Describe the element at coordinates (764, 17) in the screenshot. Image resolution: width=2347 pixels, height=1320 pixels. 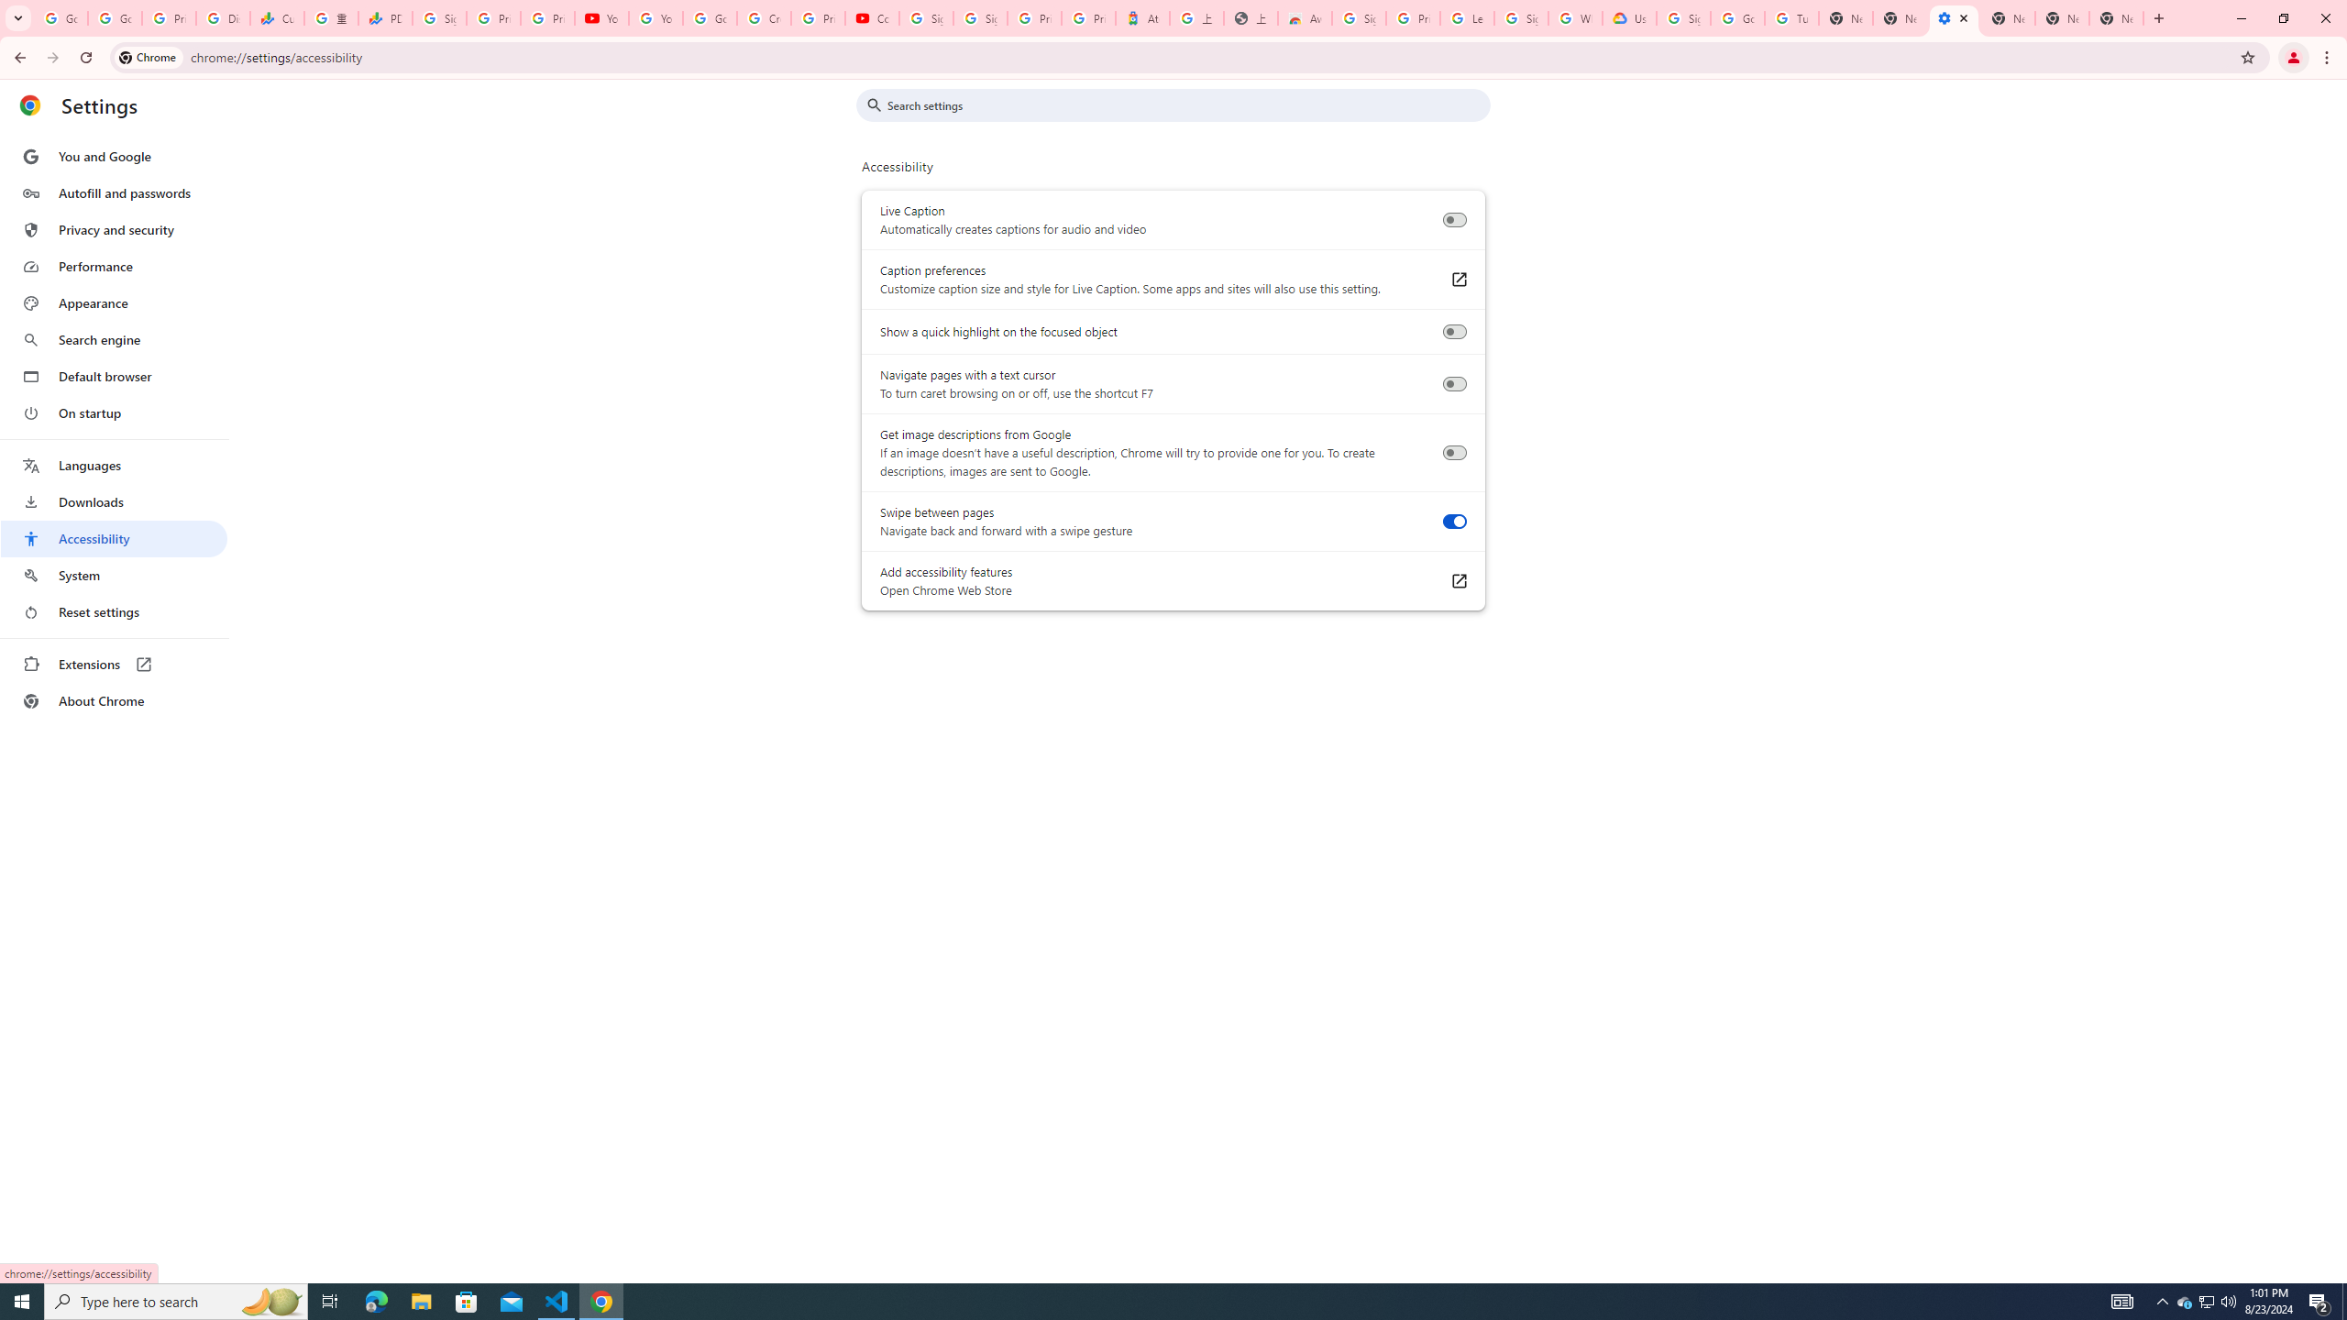
I see `'Create your Google Account'` at that location.